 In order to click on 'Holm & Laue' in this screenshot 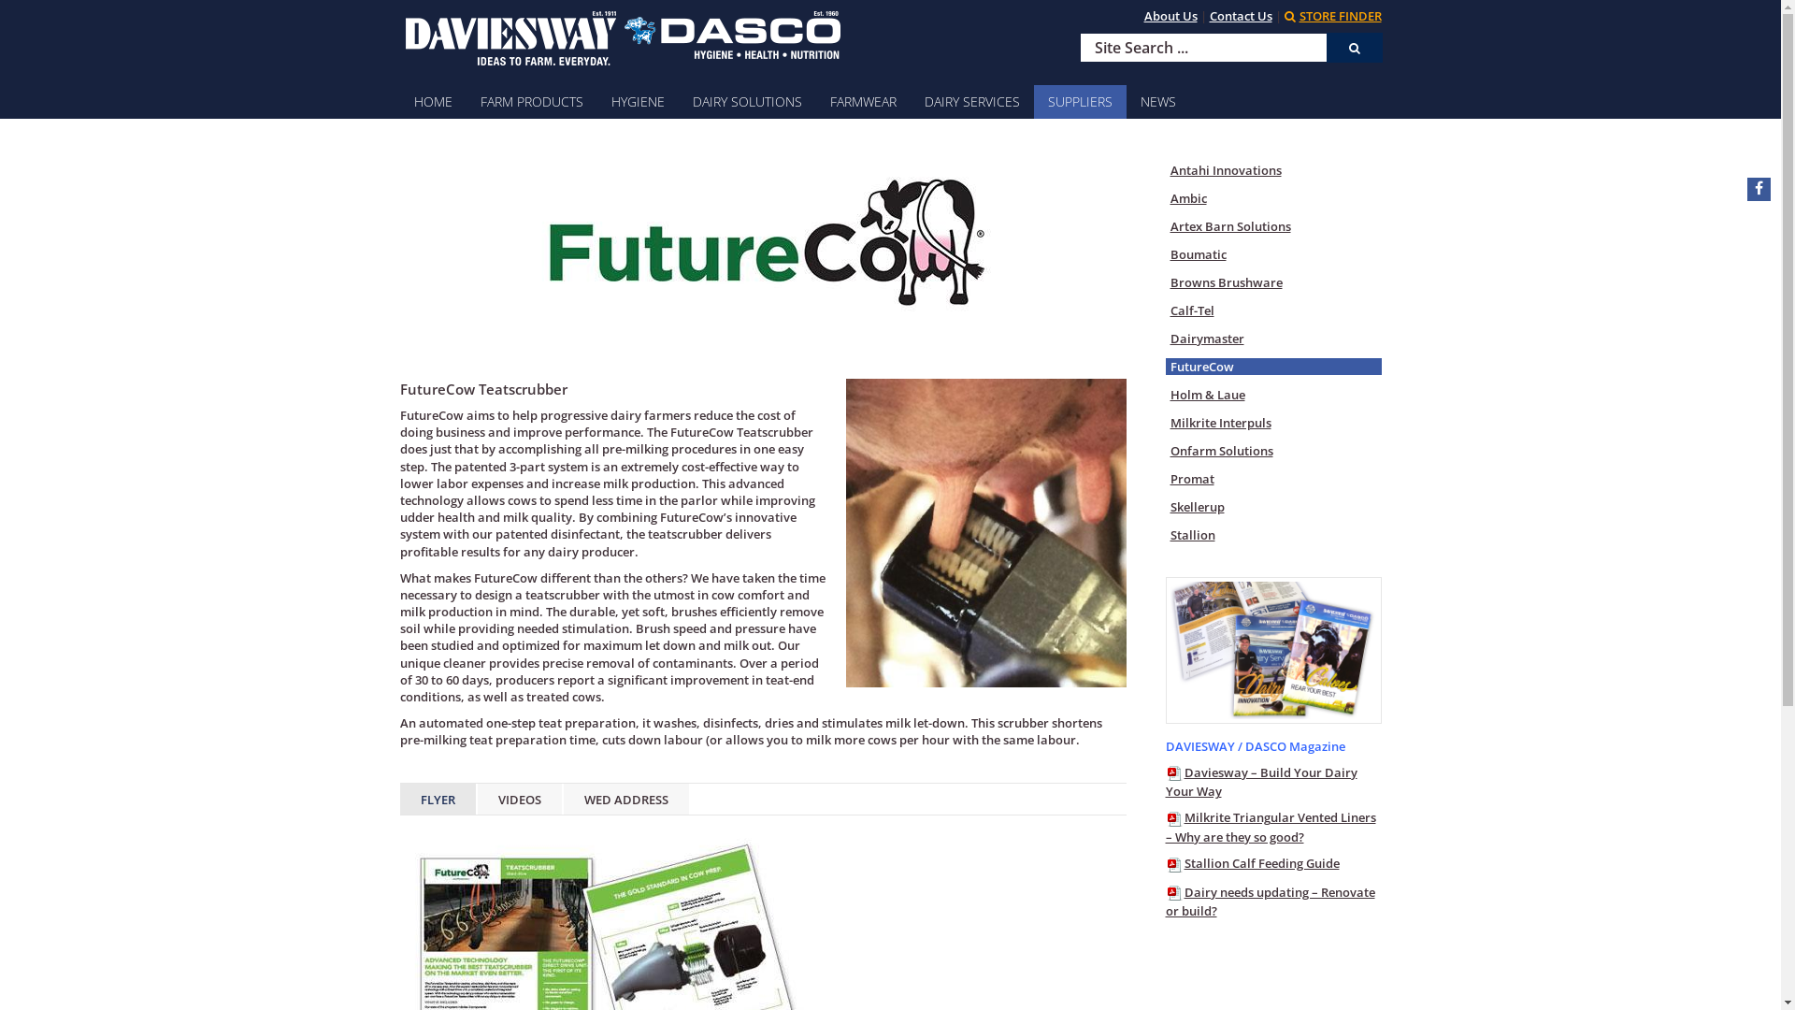, I will do `click(1271, 393)`.